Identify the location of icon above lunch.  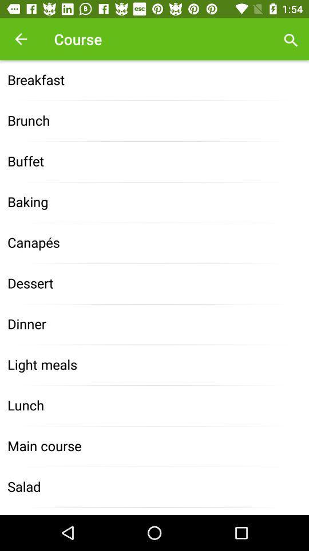
(154, 364).